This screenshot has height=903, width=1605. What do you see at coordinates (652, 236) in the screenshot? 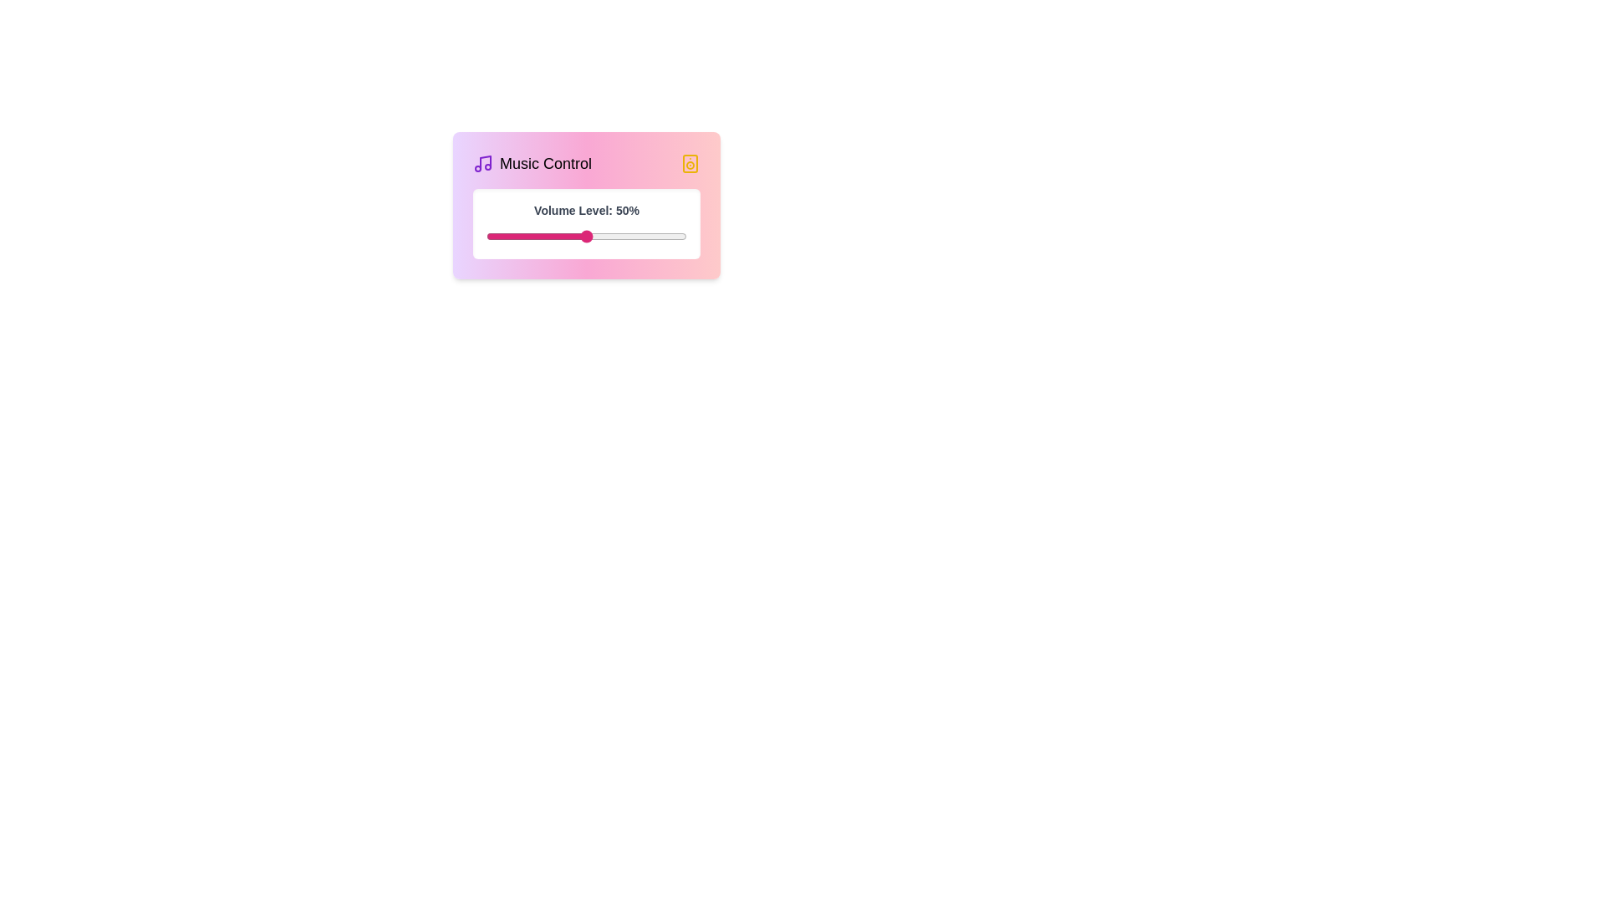
I see `the volume level to 83% by adjusting the slider` at bounding box center [652, 236].